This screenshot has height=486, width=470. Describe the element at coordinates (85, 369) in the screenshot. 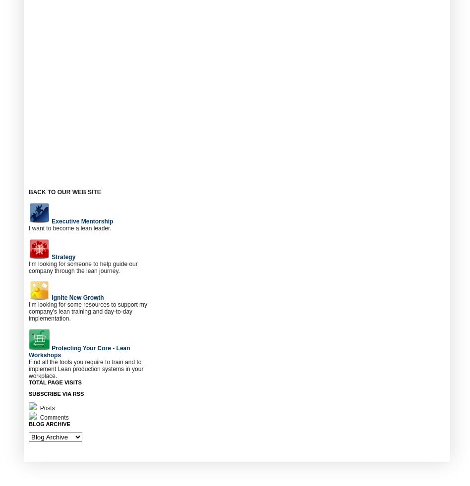

I see `'Find all the tools you require to train and to implement Lean production systems in your workplace.'` at that location.